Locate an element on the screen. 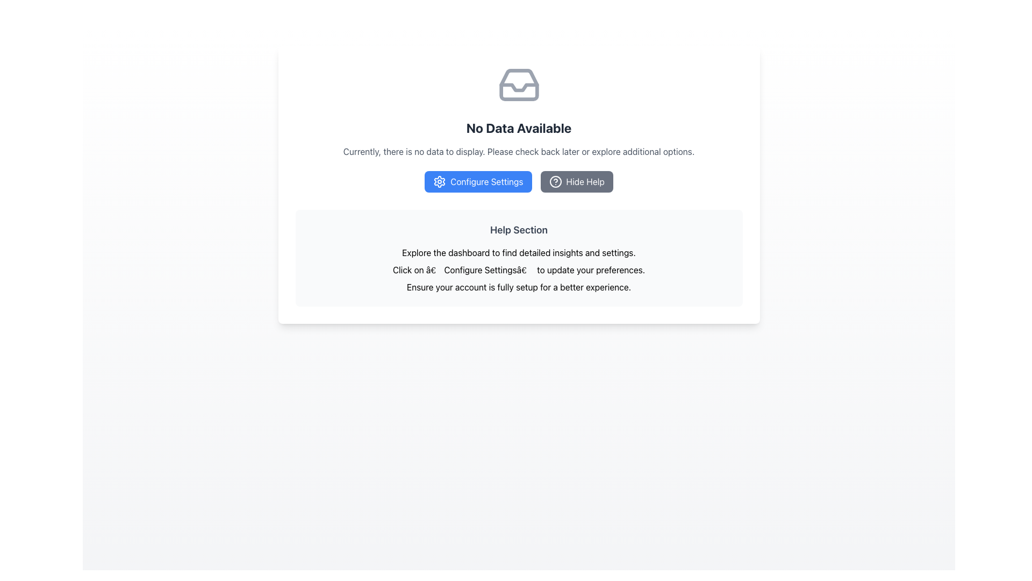 Image resolution: width=1032 pixels, height=581 pixels. the second static text element that provides instructions for the 'Configure Settings' button, positioned centrally below the first text element is located at coordinates (519, 269).